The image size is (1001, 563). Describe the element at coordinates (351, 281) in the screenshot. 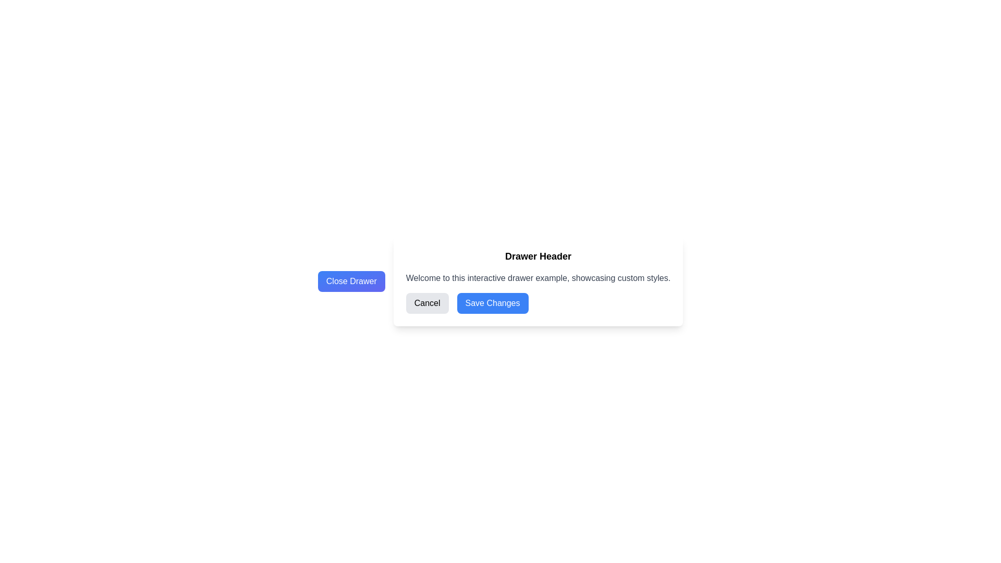

I see `the 'Close Drawer' button, which has a gradient background from blue to indigo and is positioned to the left of the drawer content` at that location.